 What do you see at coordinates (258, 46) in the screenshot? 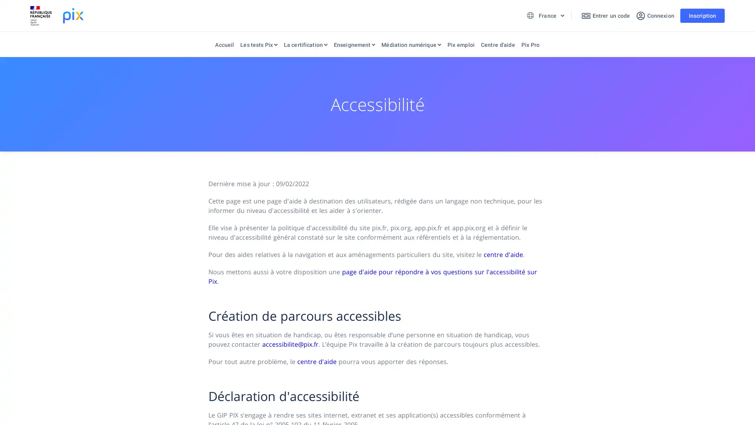
I see `Les tests Pix` at bounding box center [258, 46].